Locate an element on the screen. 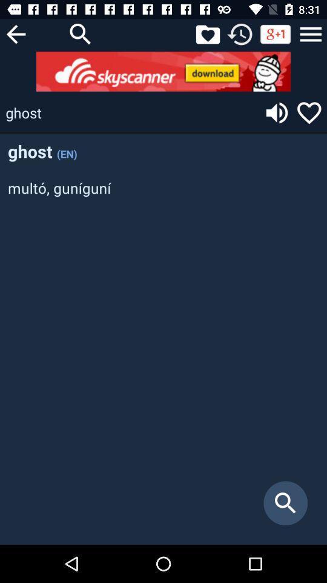 The width and height of the screenshot is (327, 583). switch like option is located at coordinates (309, 112).